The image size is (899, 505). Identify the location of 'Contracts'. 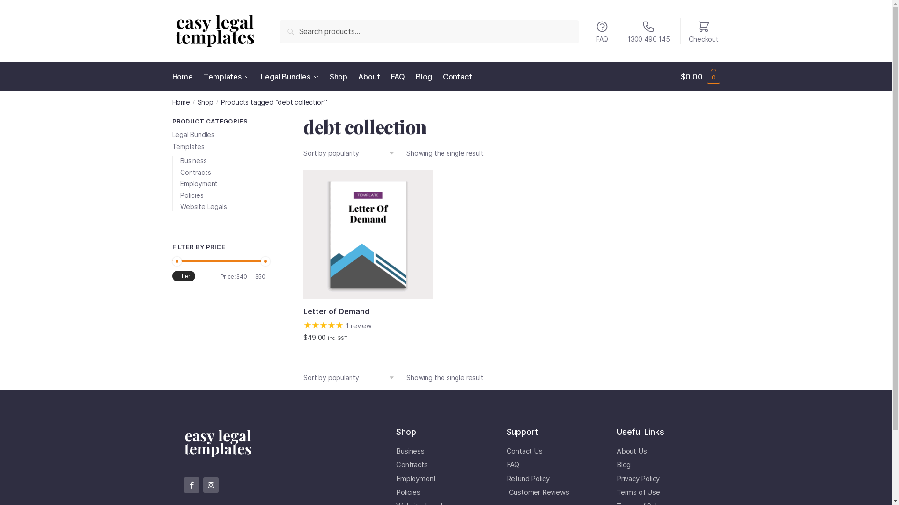
(180, 172).